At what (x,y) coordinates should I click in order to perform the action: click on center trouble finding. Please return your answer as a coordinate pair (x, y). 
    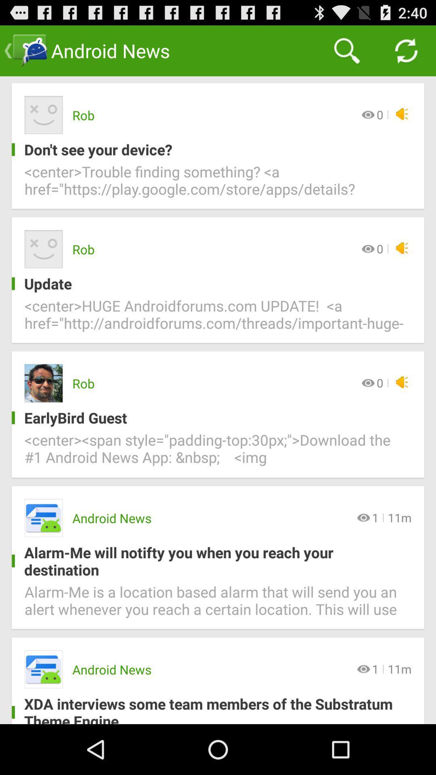
    Looking at the image, I should click on (218, 185).